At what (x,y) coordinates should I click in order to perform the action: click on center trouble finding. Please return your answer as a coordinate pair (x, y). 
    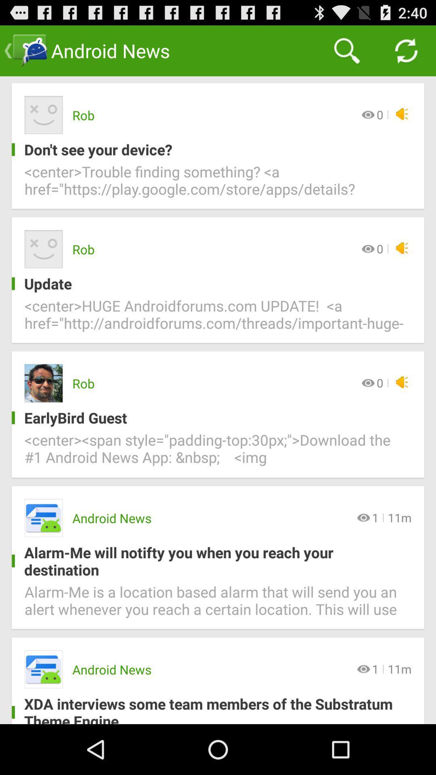
    Looking at the image, I should click on (218, 185).